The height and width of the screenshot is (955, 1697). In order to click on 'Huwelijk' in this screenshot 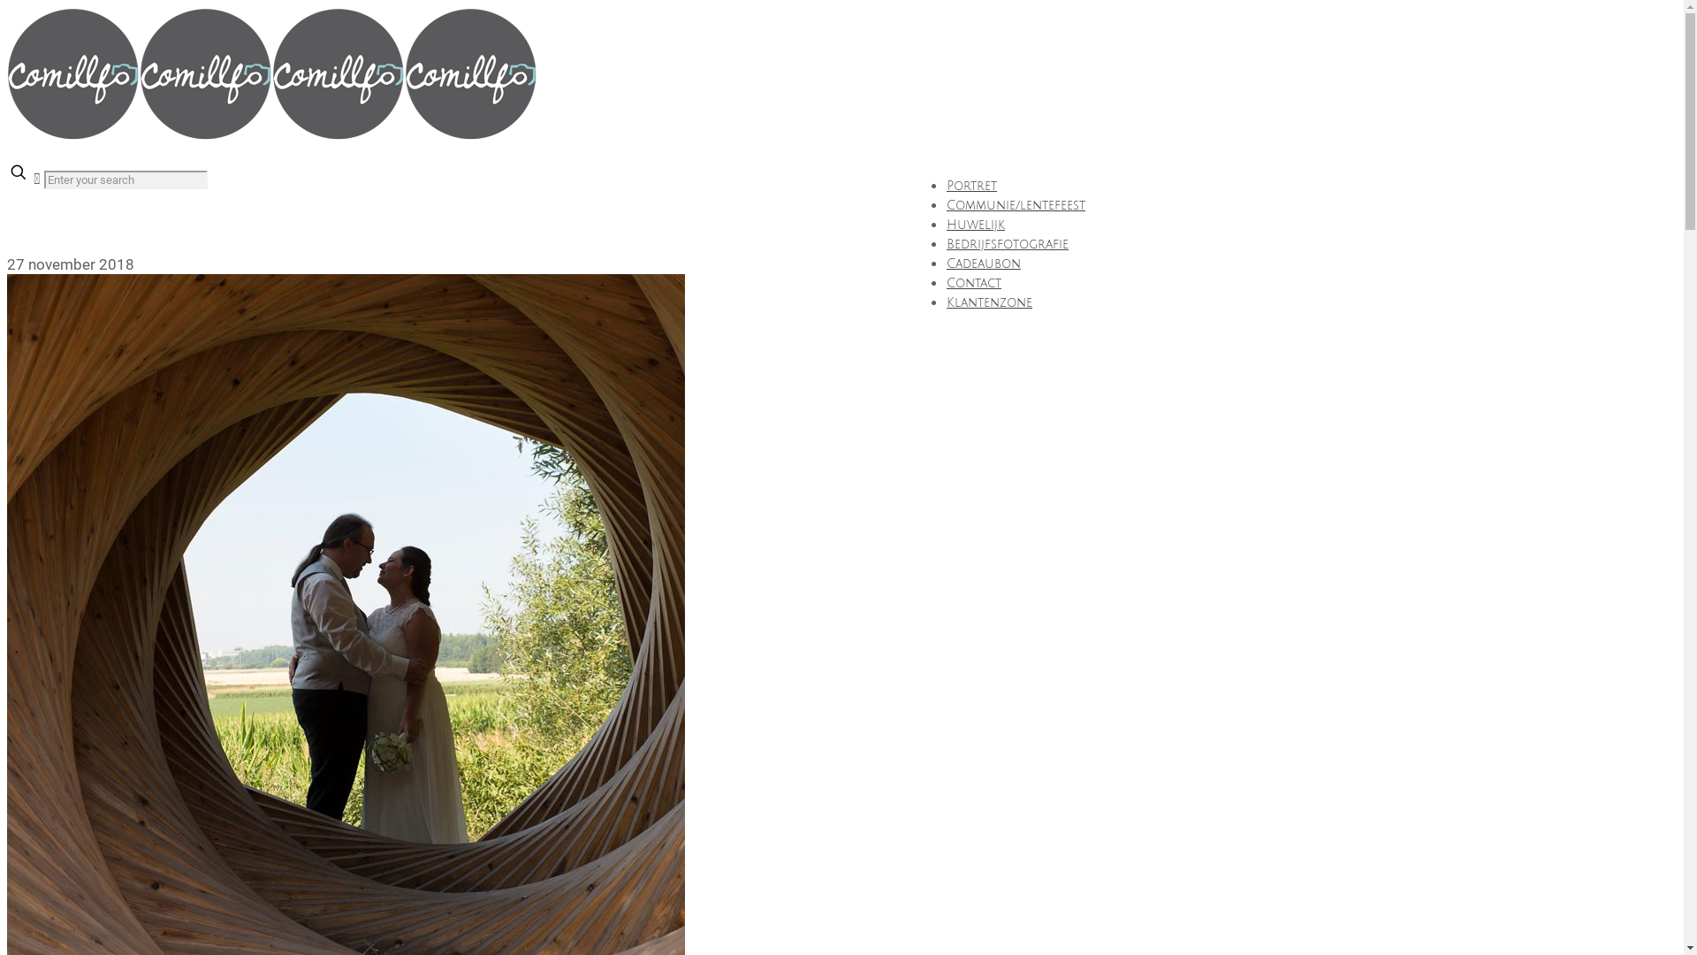, I will do `click(945, 224)`.